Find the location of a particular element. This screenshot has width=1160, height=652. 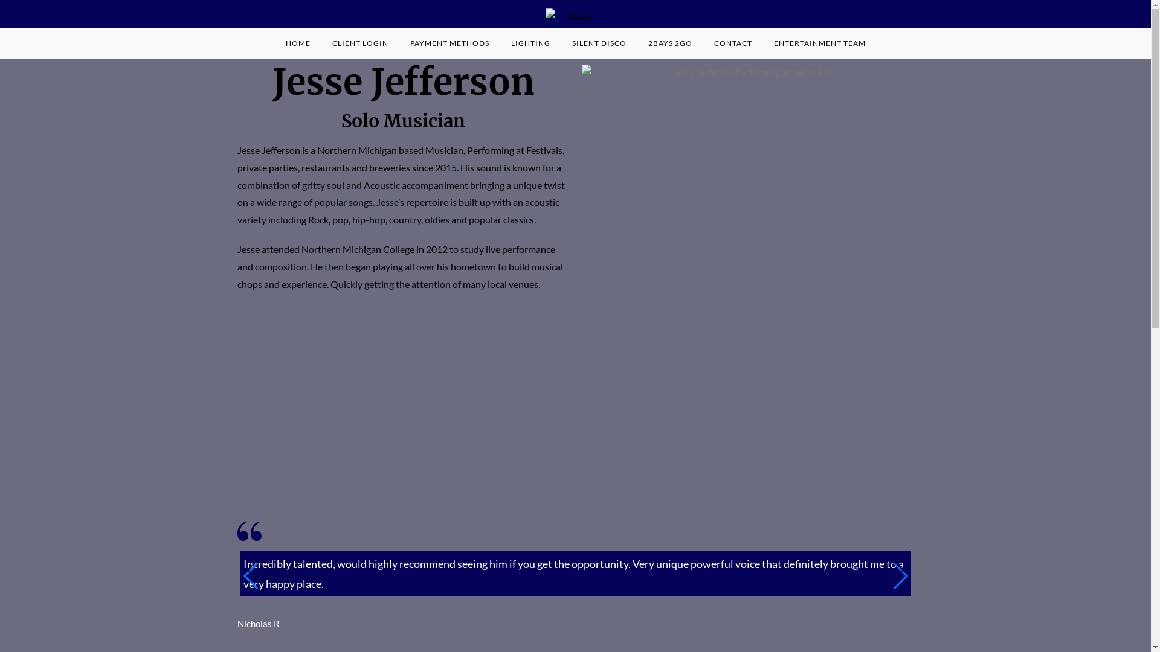

'SILENT DISCO' is located at coordinates (598, 43).